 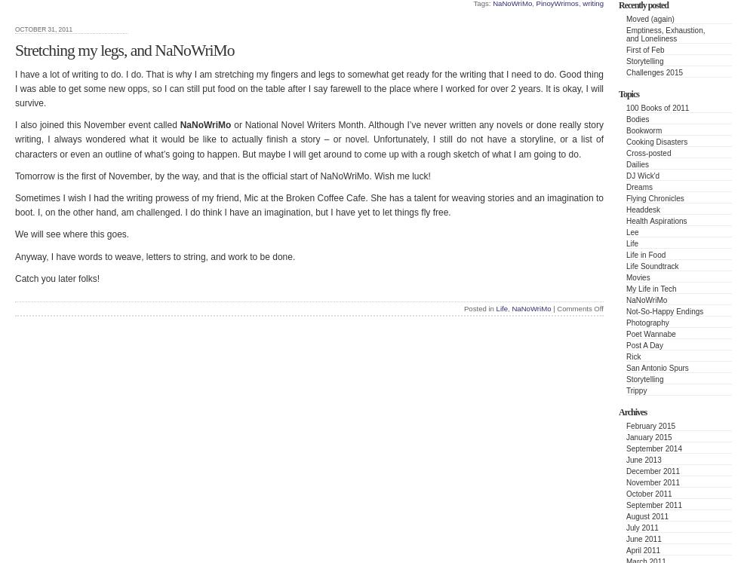 What do you see at coordinates (626, 18) in the screenshot?
I see `'Moved (again)'` at bounding box center [626, 18].